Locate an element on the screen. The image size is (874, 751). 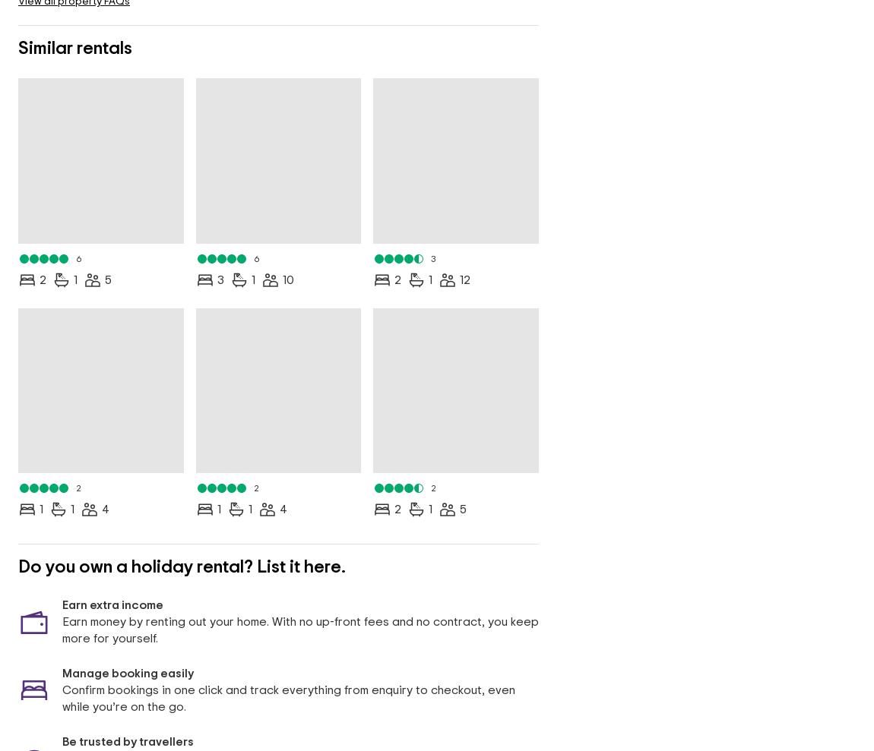
'12' is located at coordinates (464, 279).